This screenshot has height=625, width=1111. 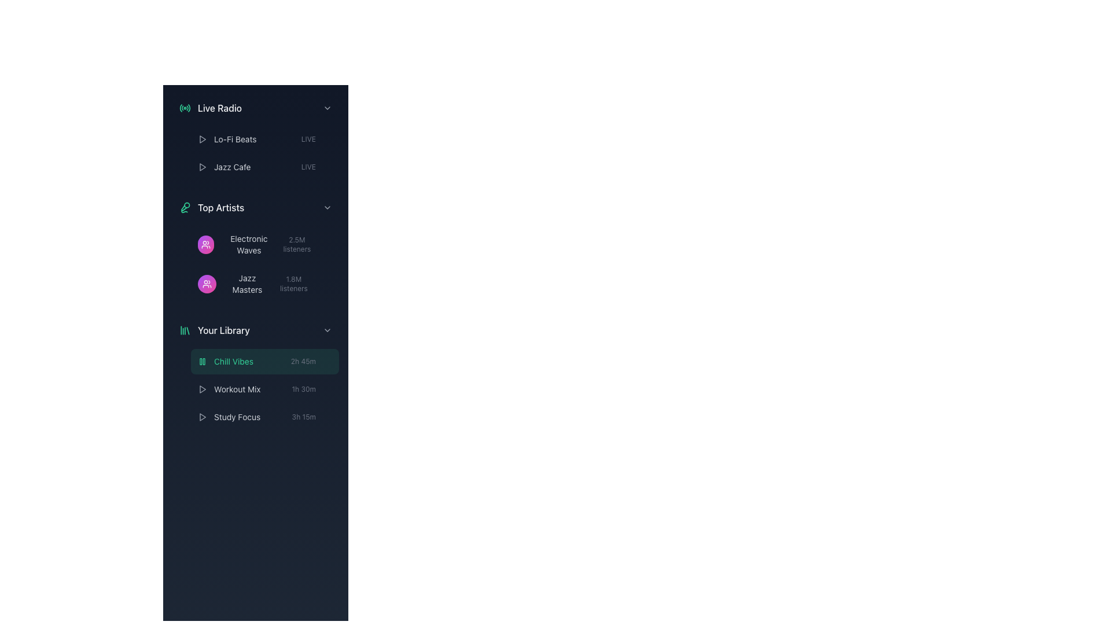 What do you see at coordinates (214, 330) in the screenshot?
I see `the Hyperlinked navigation item for 'Your Library' located in the vertical menu, which is positioned two-thirds down the list, below 'Top Artists' and above 'Chill Vibes'` at bounding box center [214, 330].